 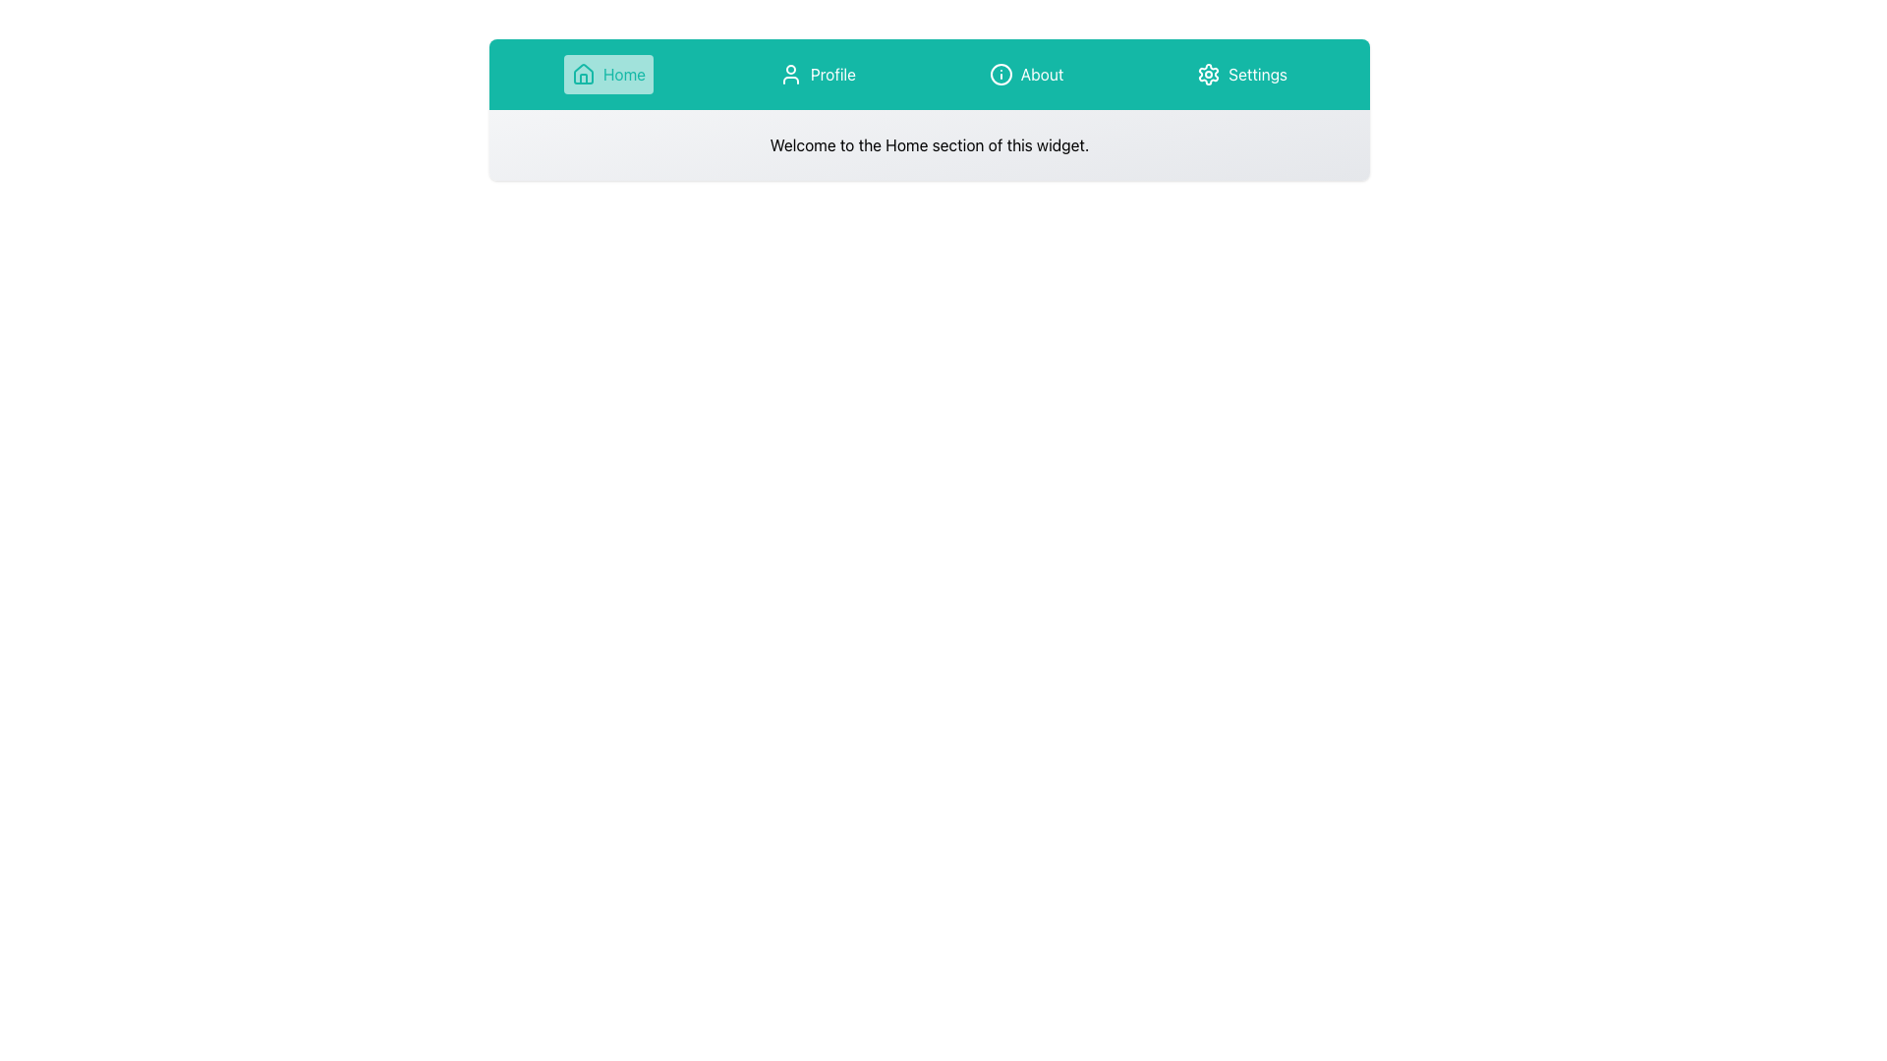 What do you see at coordinates (582, 73) in the screenshot?
I see `the 'Home' icon in the navigation bar` at bounding box center [582, 73].